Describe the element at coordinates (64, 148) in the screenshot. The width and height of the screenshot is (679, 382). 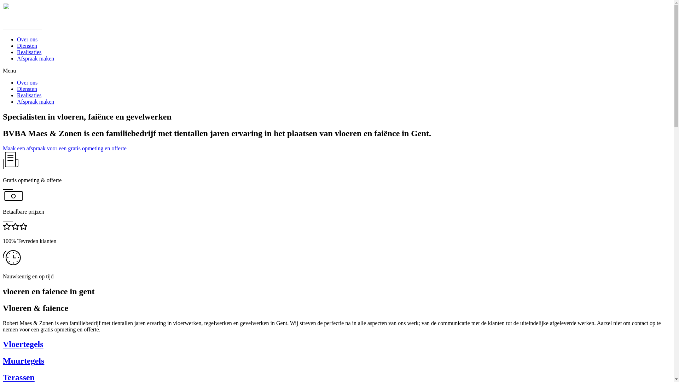
I see `'Maak een afspraak voor een gratis opmeting en offerte'` at that location.